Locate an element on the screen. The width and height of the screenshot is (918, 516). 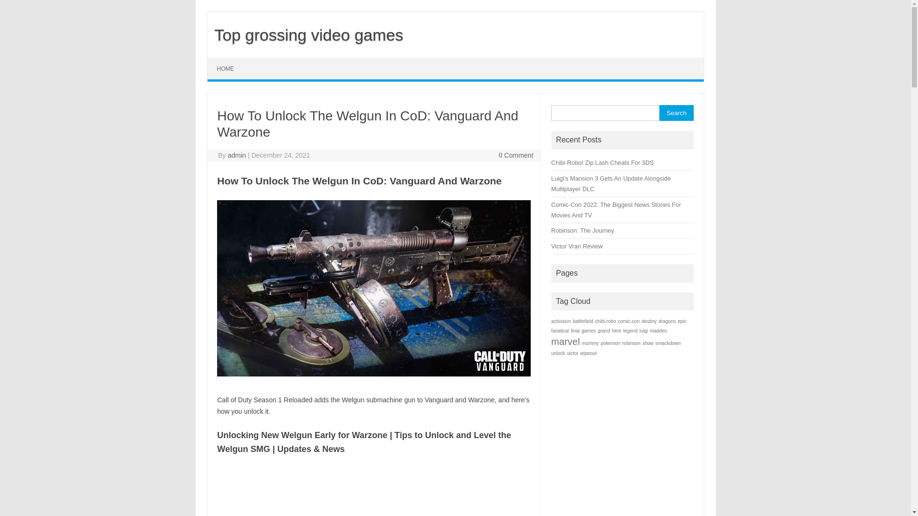
'fanatical' is located at coordinates (560, 330).